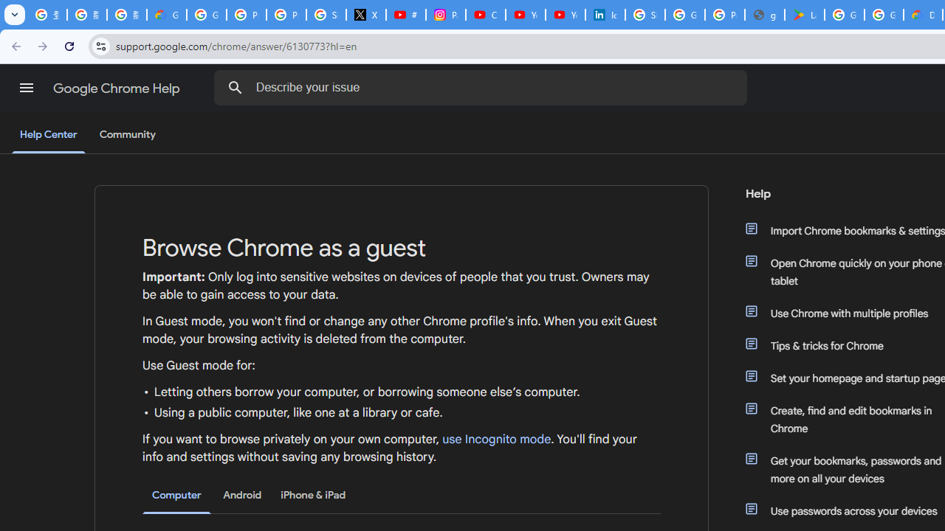  Describe the element at coordinates (366, 15) in the screenshot. I see `'X'` at that location.